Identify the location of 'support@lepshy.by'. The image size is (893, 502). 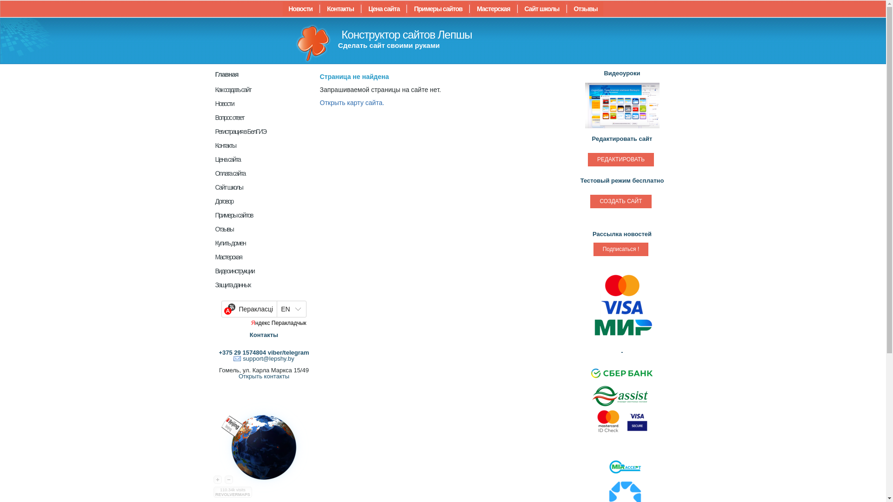
(233, 358).